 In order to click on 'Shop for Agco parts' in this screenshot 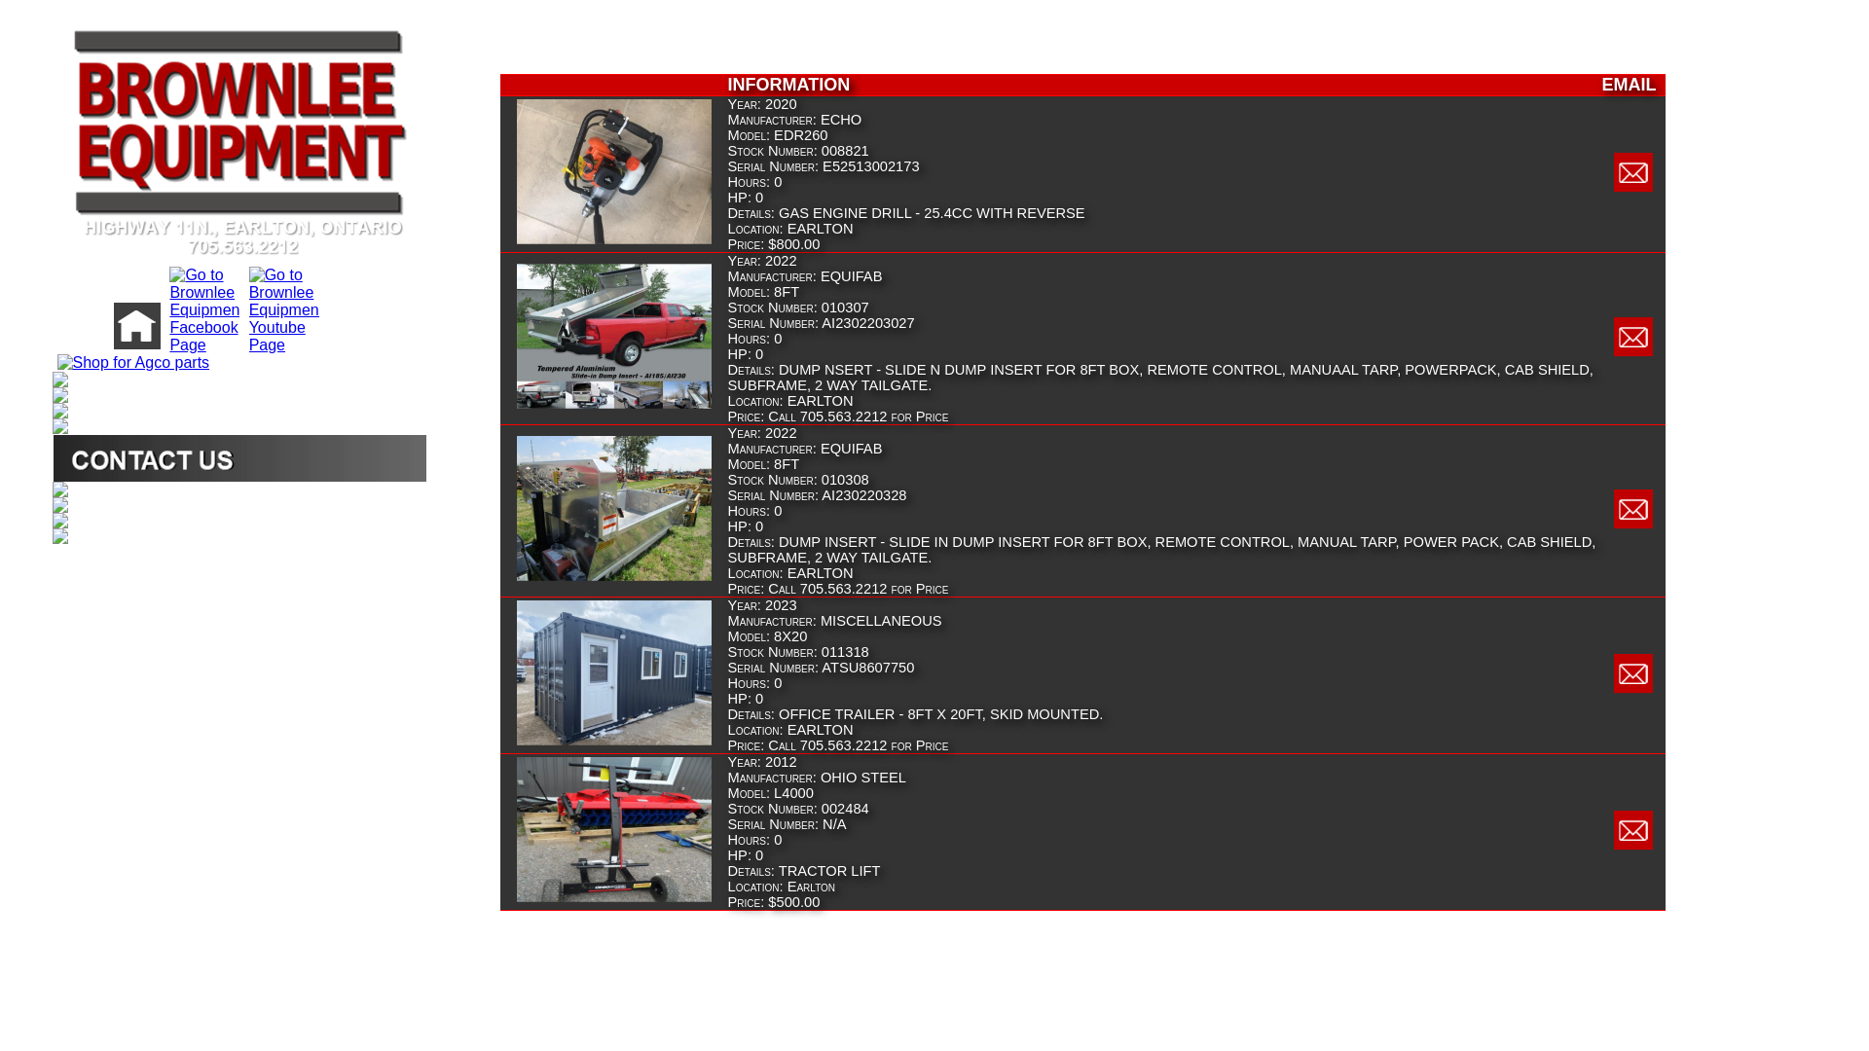, I will do `click(129, 362)`.